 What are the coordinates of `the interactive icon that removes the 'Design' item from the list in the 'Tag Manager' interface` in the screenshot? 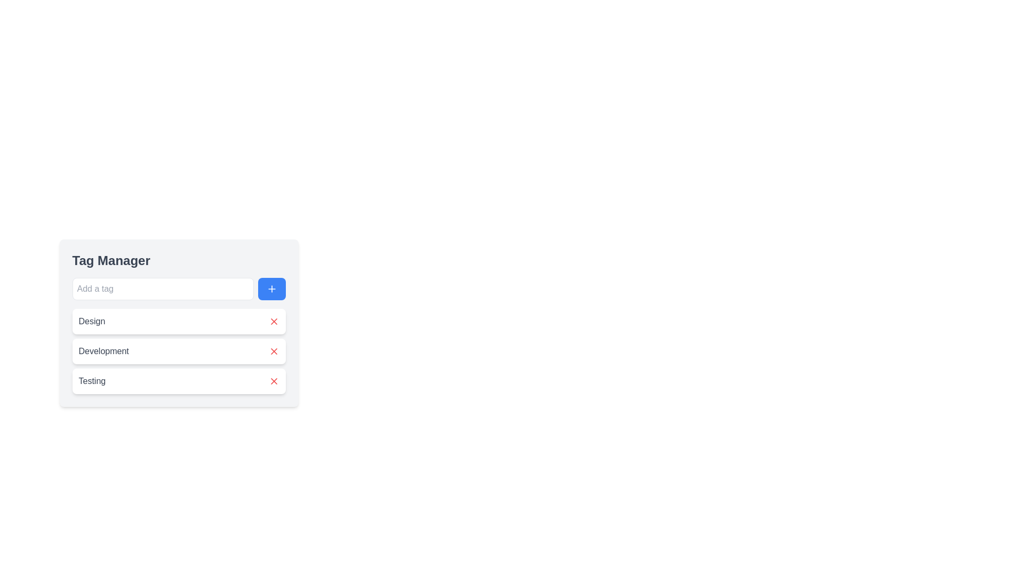 It's located at (274, 321).